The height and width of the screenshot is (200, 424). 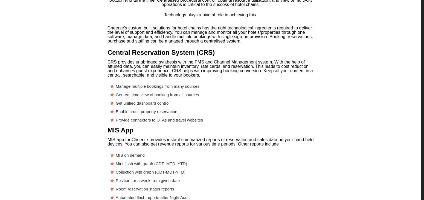 I want to click on 'Position for a week from given date', so click(x=147, y=180).